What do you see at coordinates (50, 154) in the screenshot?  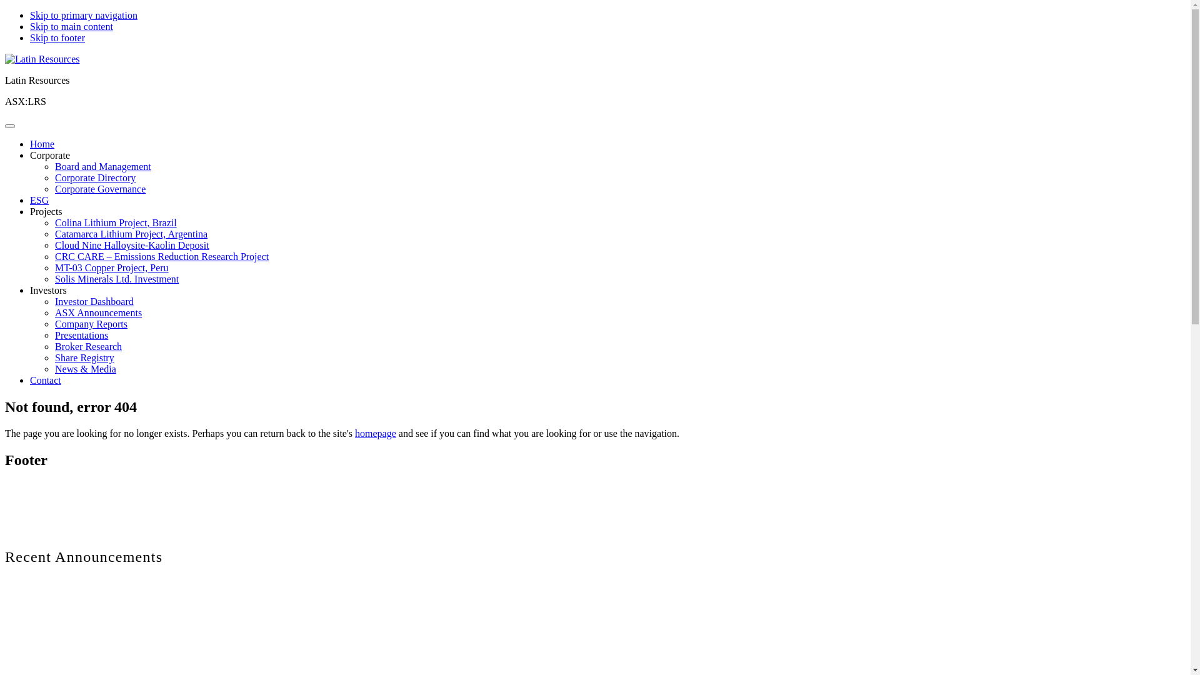 I see `'Corporate'` at bounding box center [50, 154].